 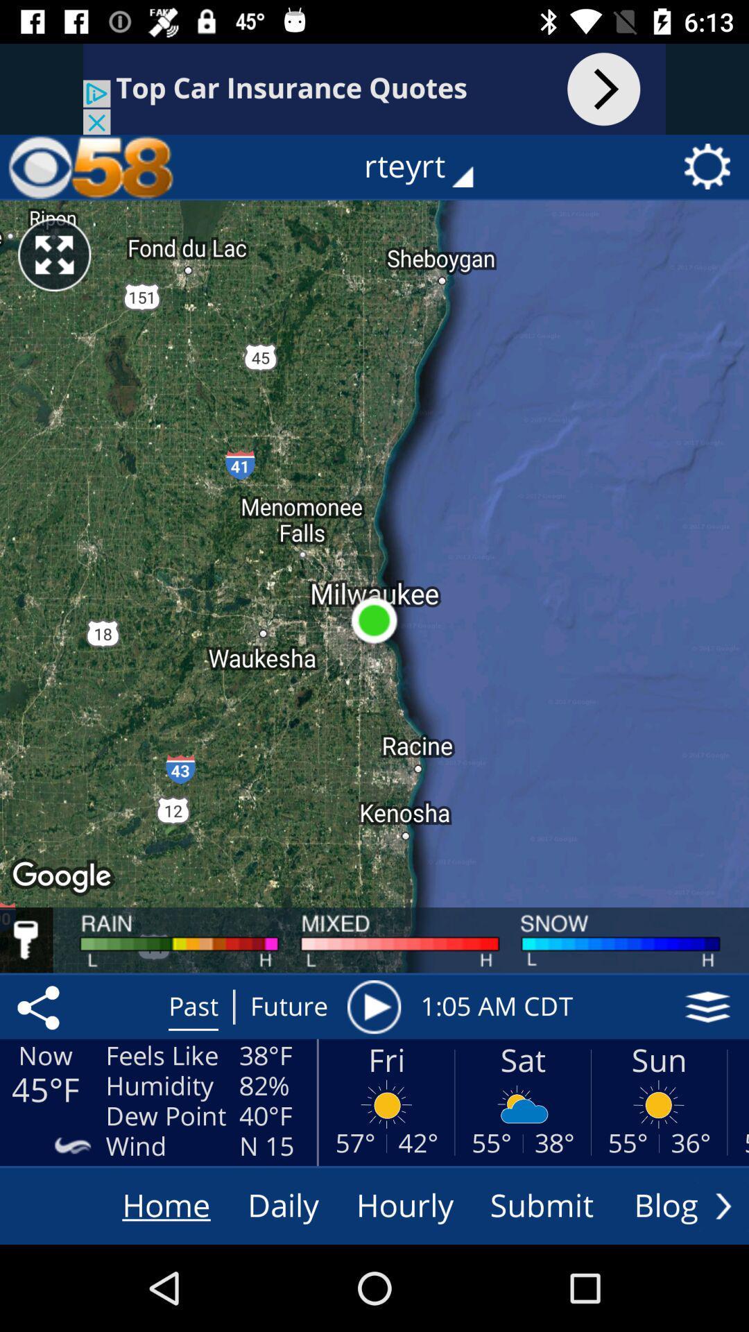 What do you see at coordinates (40, 1007) in the screenshot?
I see `share page` at bounding box center [40, 1007].